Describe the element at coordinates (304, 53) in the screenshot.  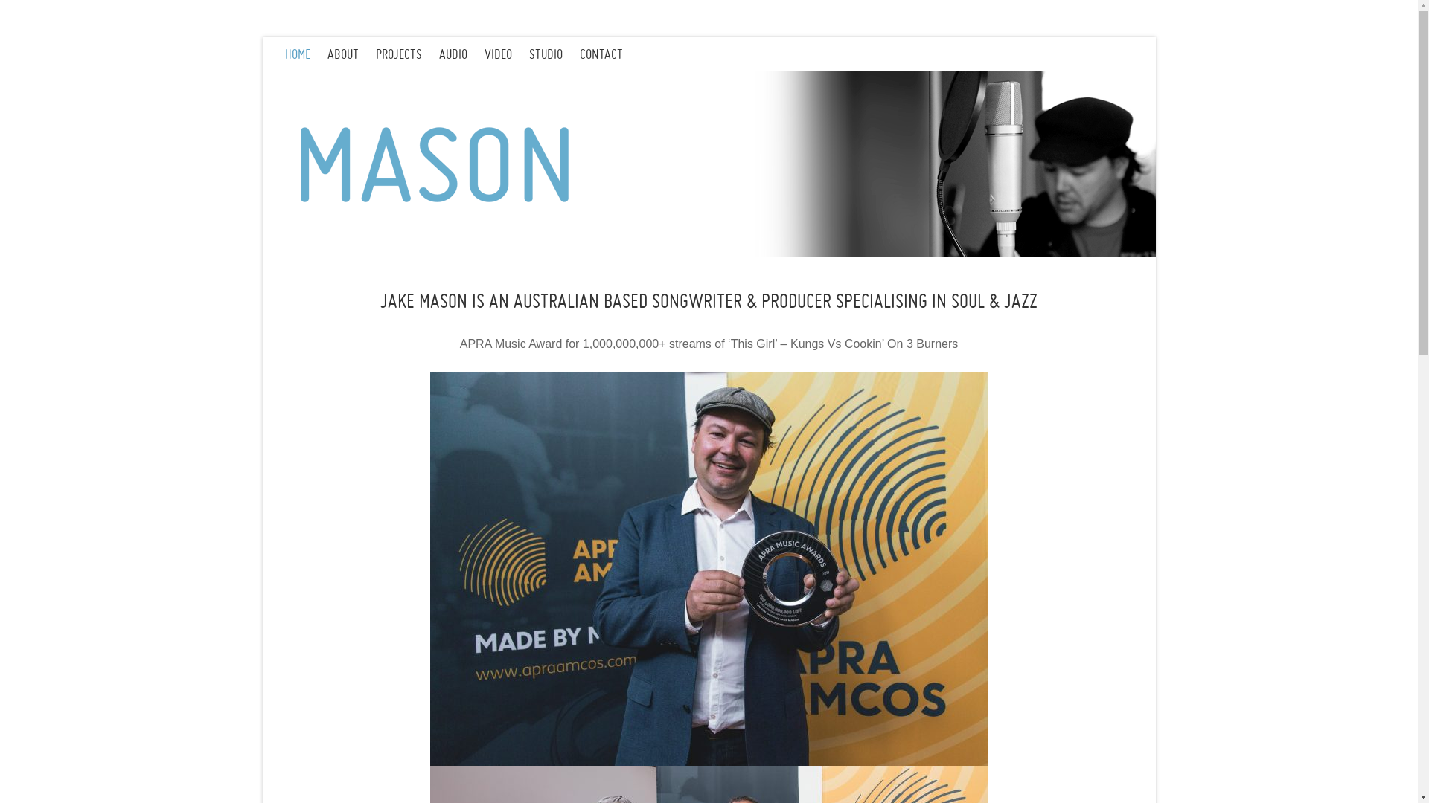
I see `'HOME'` at that location.